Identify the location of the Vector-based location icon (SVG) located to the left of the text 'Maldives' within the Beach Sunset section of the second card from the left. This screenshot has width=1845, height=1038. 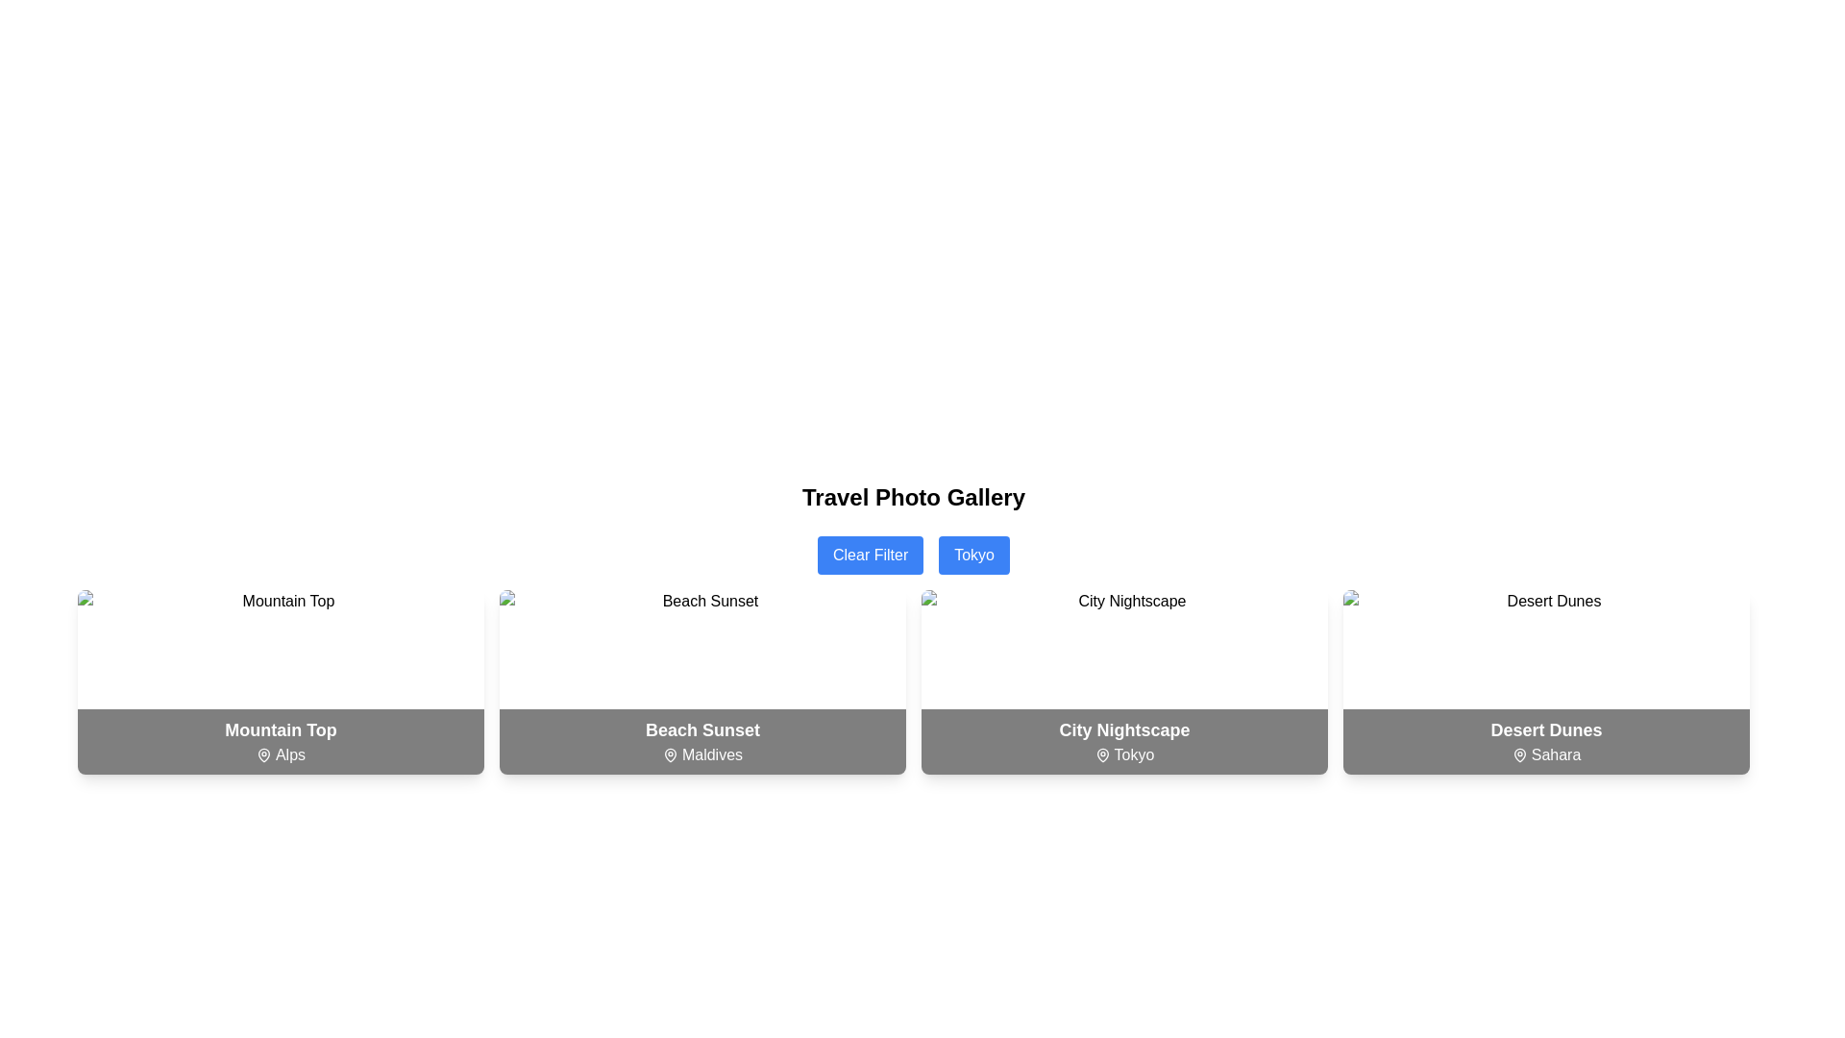
(670, 754).